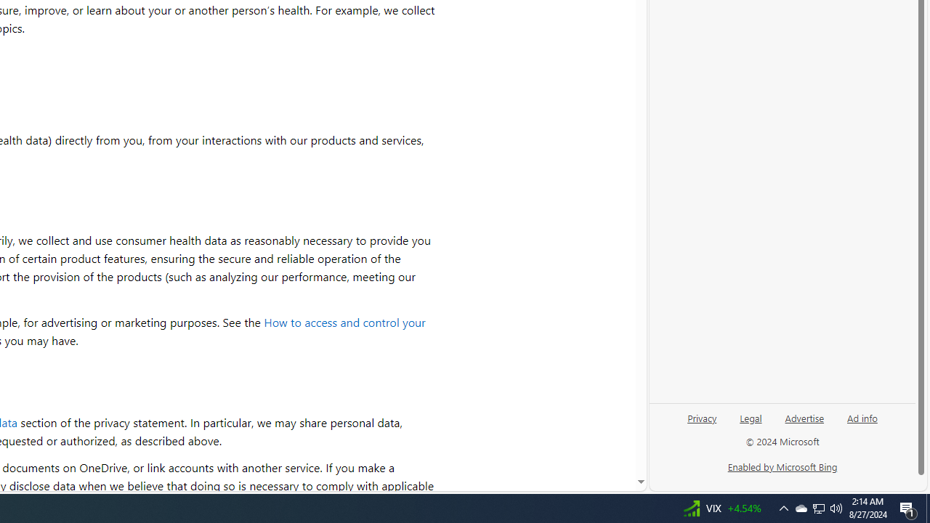 The image size is (930, 523). I want to click on 'Legal', so click(751, 423).